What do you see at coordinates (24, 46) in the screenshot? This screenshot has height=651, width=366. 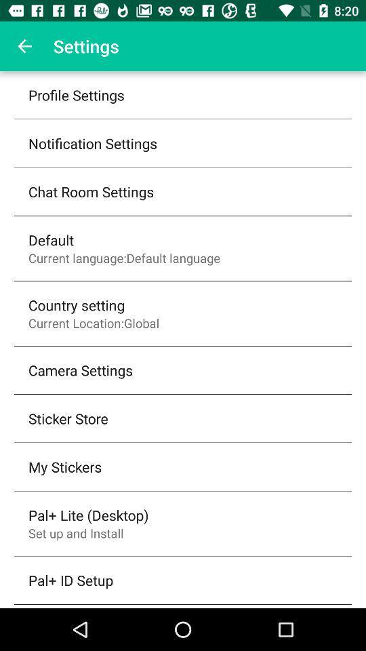 I see `the item next to settings` at bounding box center [24, 46].